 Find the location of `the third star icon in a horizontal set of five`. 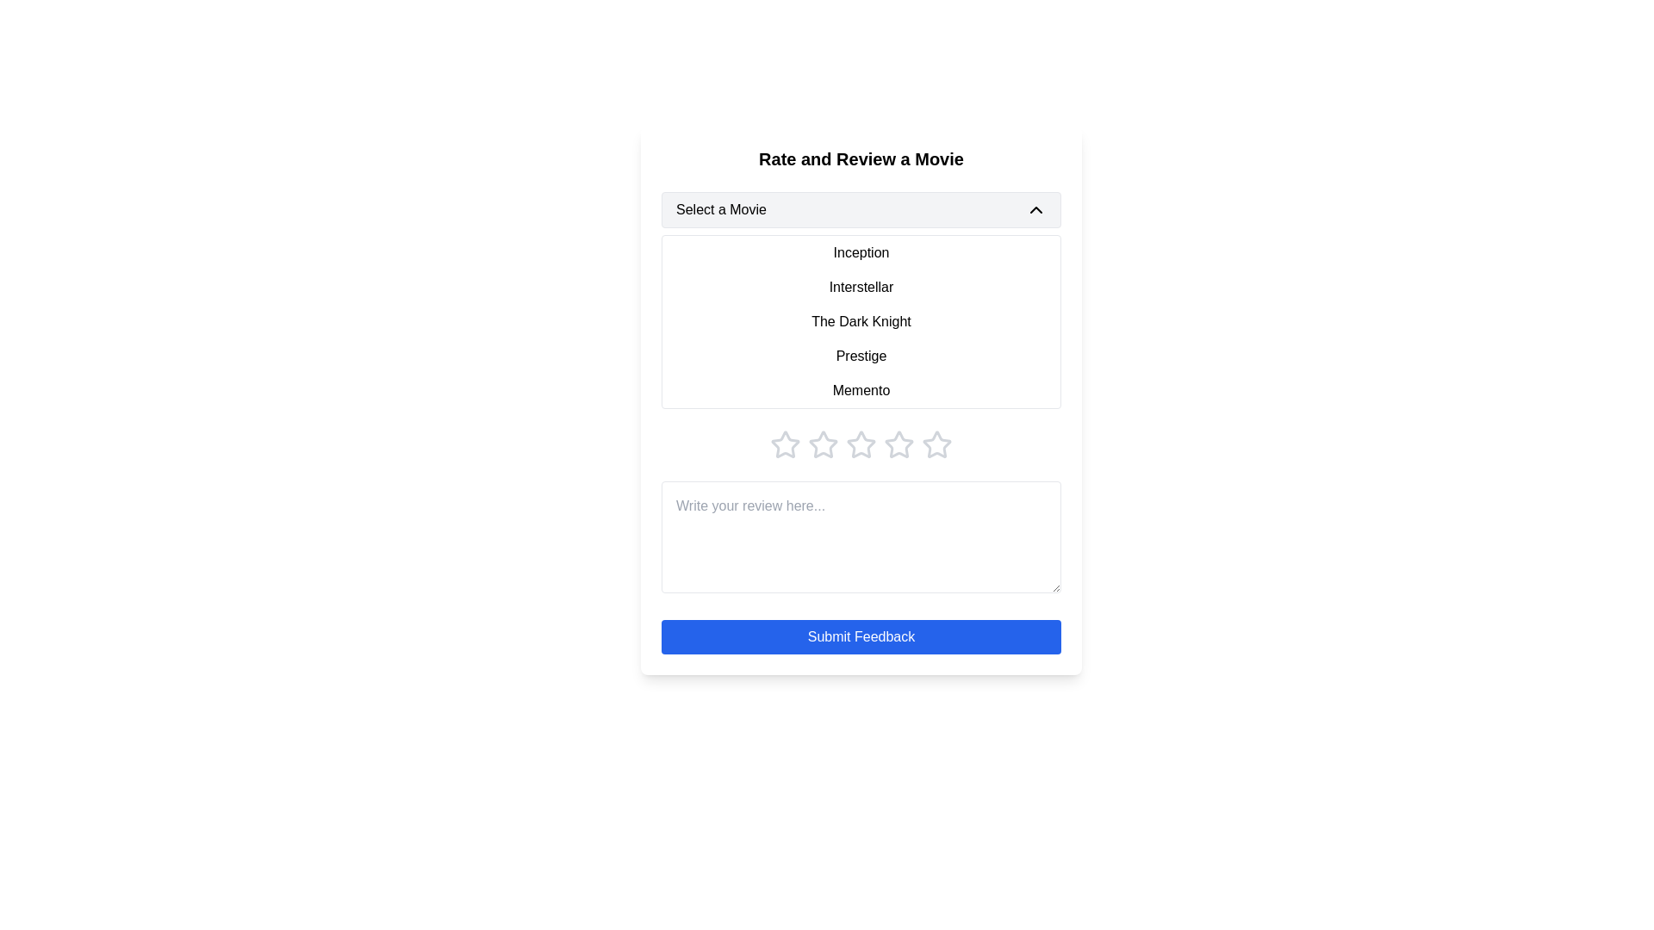

the third star icon in a horizontal set of five is located at coordinates (822, 443).